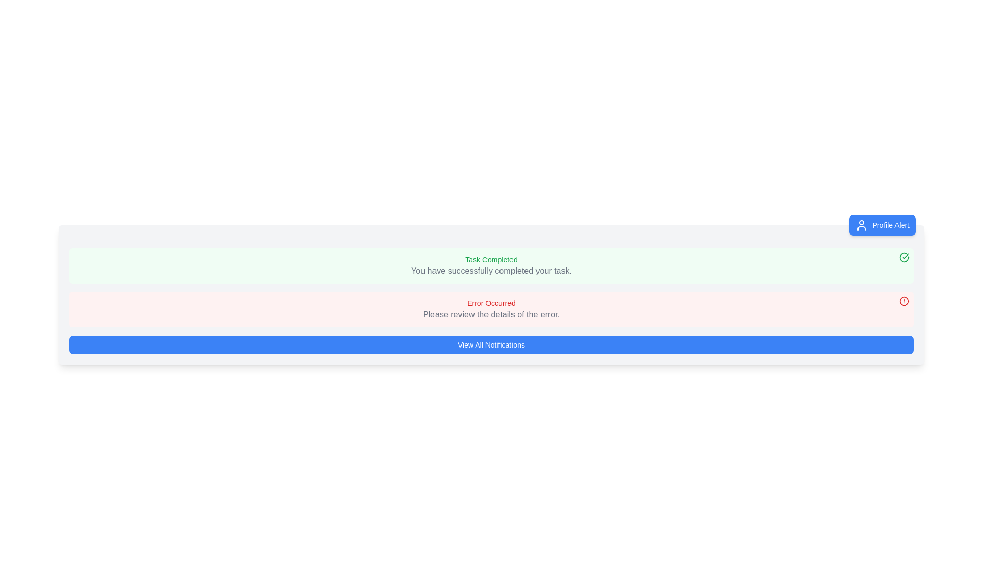 Image resolution: width=999 pixels, height=562 pixels. I want to click on the 'Profile Alert' text label, which is styled in white font and located within a blue notification badge at the top-right corner of the interface, so click(890, 224).